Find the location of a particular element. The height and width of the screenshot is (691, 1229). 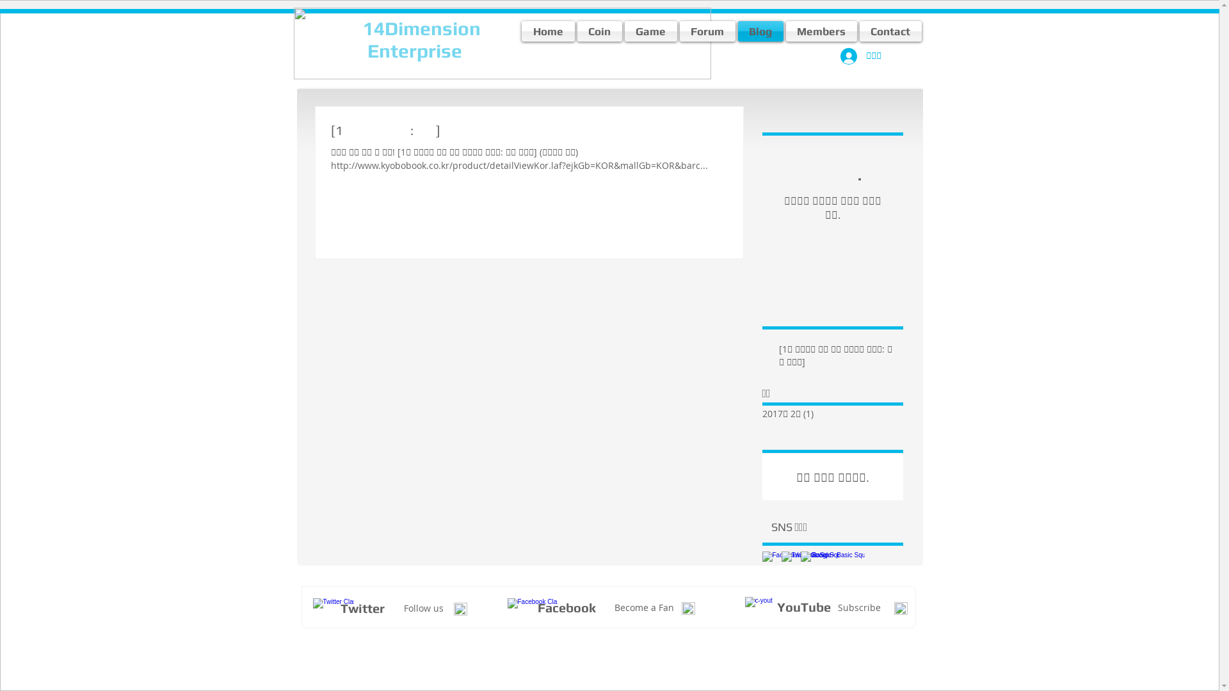

'Forum' is located at coordinates (707, 31).